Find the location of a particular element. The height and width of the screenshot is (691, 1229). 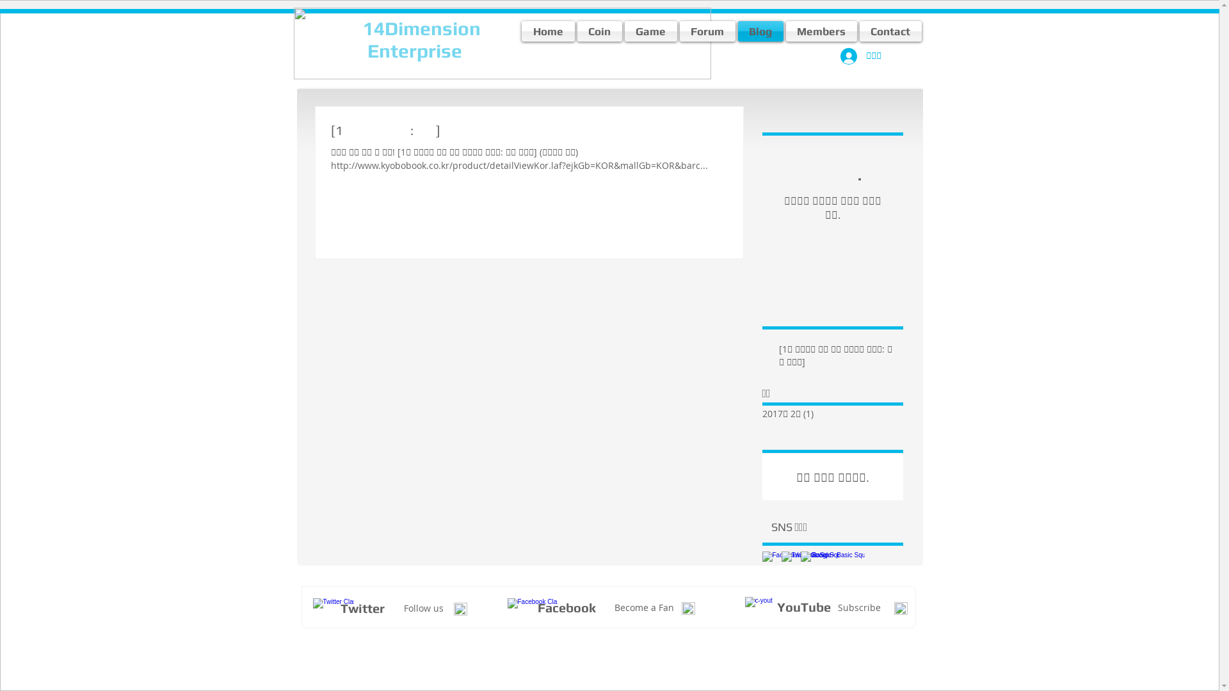

'Forum' is located at coordinates (707, 31).